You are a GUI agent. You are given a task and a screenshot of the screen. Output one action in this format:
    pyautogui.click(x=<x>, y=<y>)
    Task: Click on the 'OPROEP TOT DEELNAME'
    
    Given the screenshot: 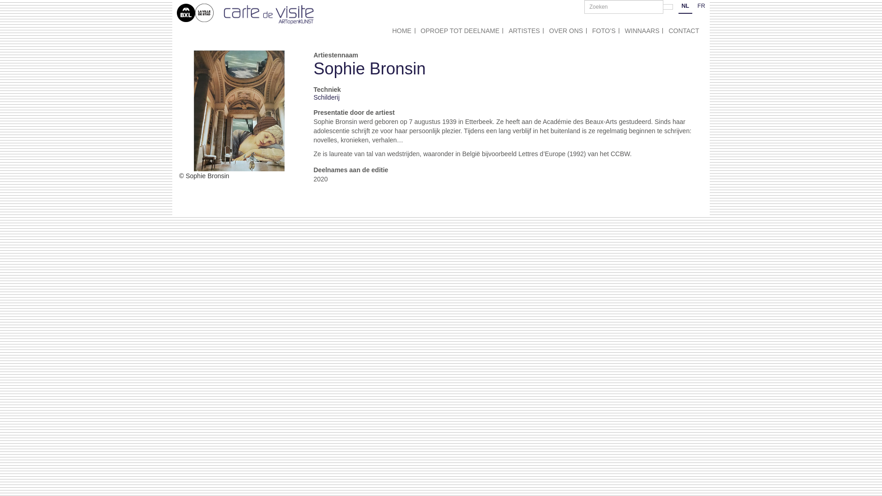 What is the action you would take?
    pyautogui.click(x=460, y=30)
    